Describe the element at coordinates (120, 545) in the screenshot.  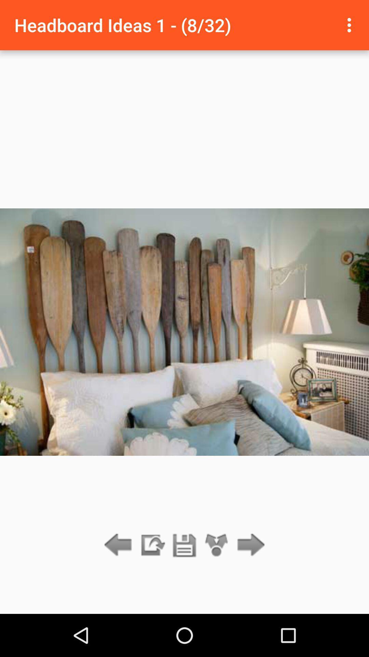
I see `the arrow_backward icon` at that location.